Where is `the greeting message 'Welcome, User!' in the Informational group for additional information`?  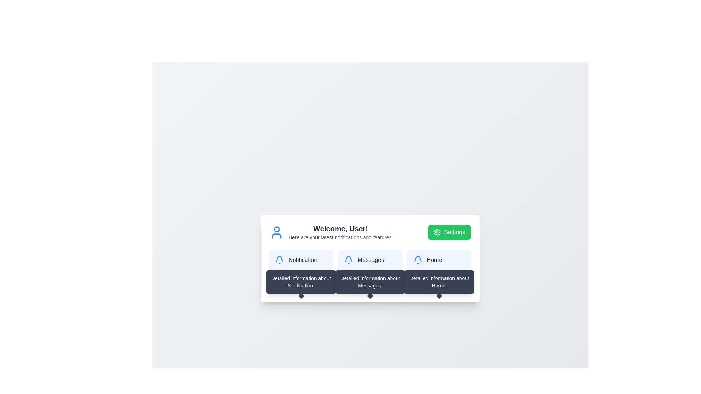
the greeting message 'Welcome, User!' in the Informational group for additional information is located at coordinates (370, 232).